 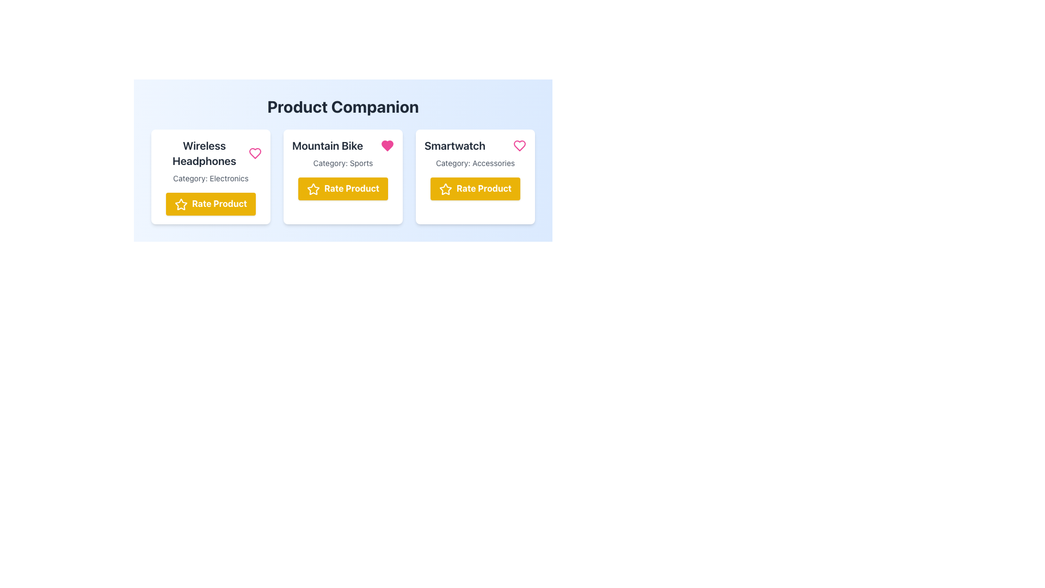 What do you see at coordinates (313, 188) in the screenshot?
I see `the star-shaped rating icon filled with yellow color, which is located at the bottom-center of the 'Mountain Bike' product card, above the 'Rate Product' text` at bounding box center [313, 188].